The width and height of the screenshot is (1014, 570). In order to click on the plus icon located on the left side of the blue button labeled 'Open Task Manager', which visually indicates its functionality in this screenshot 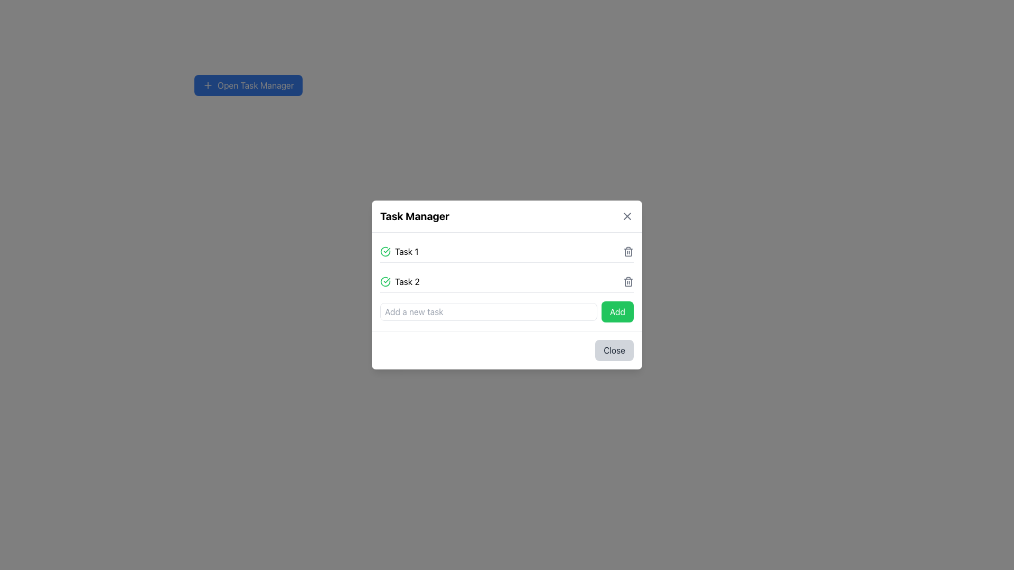, I will do `click(208, 85)`.